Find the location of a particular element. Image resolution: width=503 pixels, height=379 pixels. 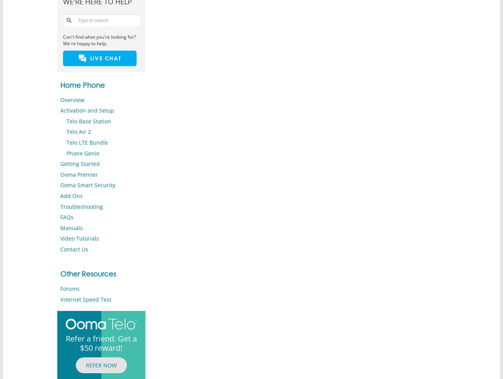

'Other Resources' is located at coordinates (87, 274).